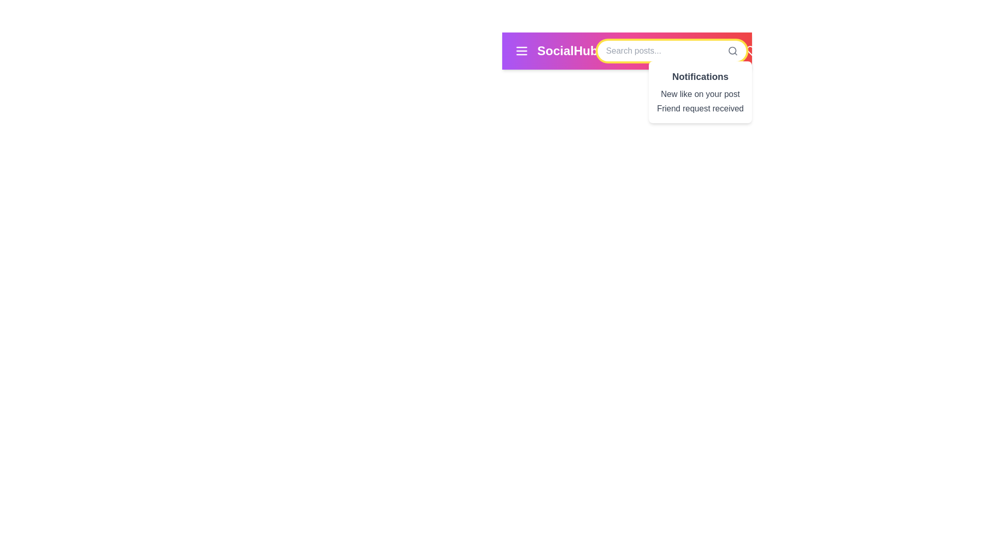 The height and width of the screenshot is (557, 991). Describe the element at coordinates (802, 51) in the screenshot. I see `the user profile icon` at that location.